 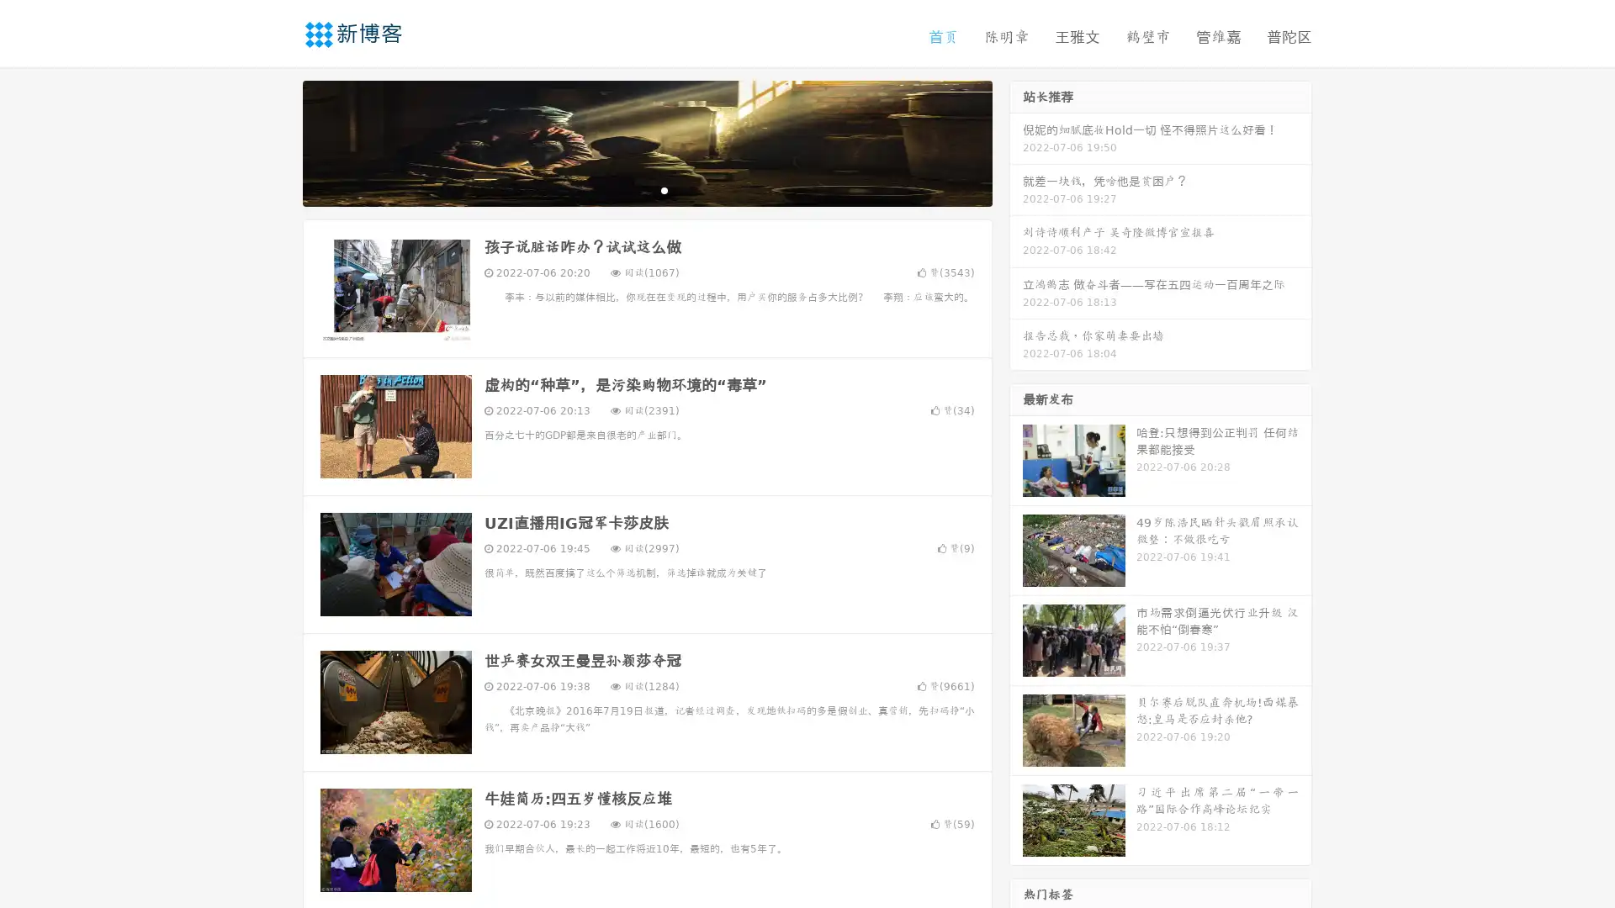 What do you see at coordinates (646, 189) in the screenshot?
I see `Go to slide 2` at bounding box center [646, 189].